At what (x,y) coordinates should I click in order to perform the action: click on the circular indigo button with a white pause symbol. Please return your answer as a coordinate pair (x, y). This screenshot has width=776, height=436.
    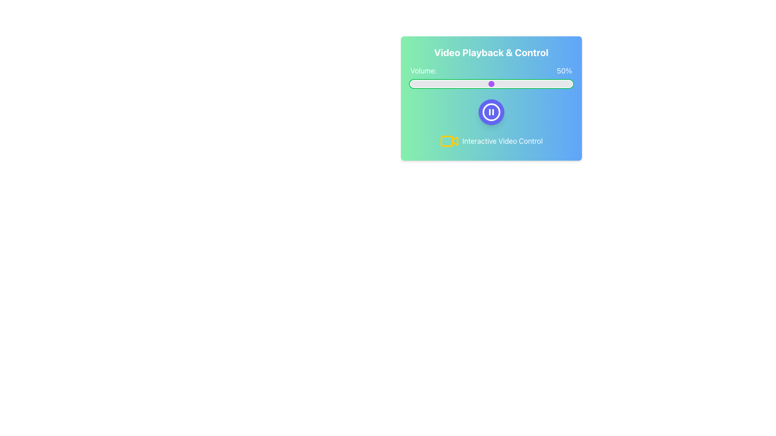
    Looking at the image, I should click on (491, 112).